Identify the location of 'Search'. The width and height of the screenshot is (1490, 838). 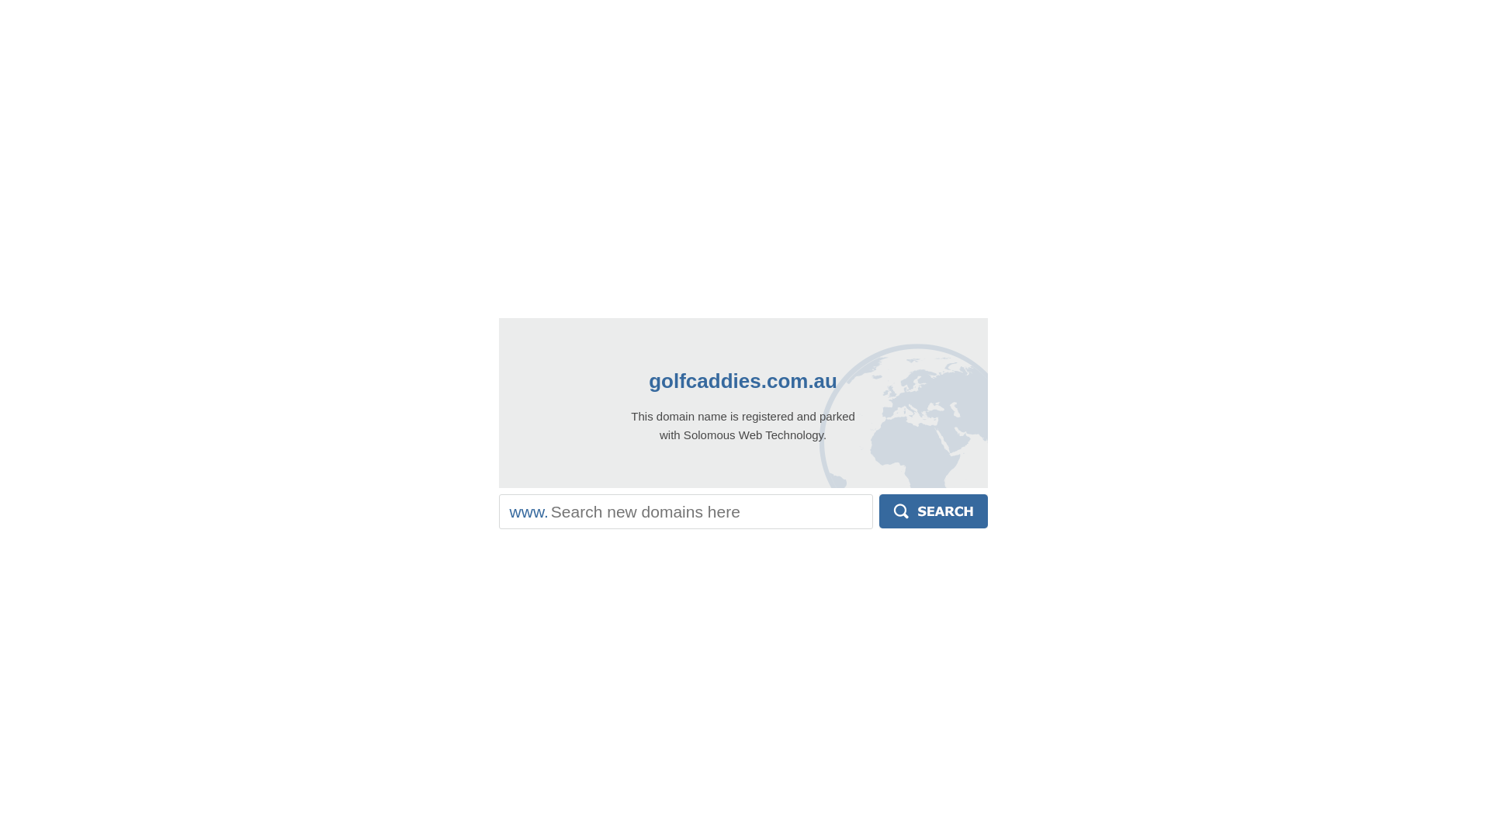
(933, 511).